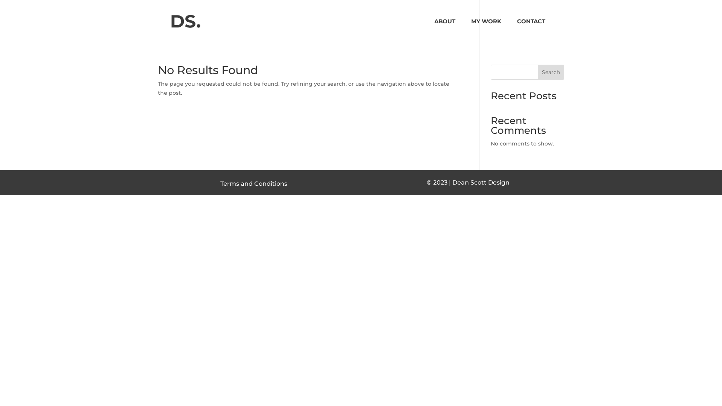 The image size is (722, 406). I want to click on 'CONTACT', so click(516, 30).